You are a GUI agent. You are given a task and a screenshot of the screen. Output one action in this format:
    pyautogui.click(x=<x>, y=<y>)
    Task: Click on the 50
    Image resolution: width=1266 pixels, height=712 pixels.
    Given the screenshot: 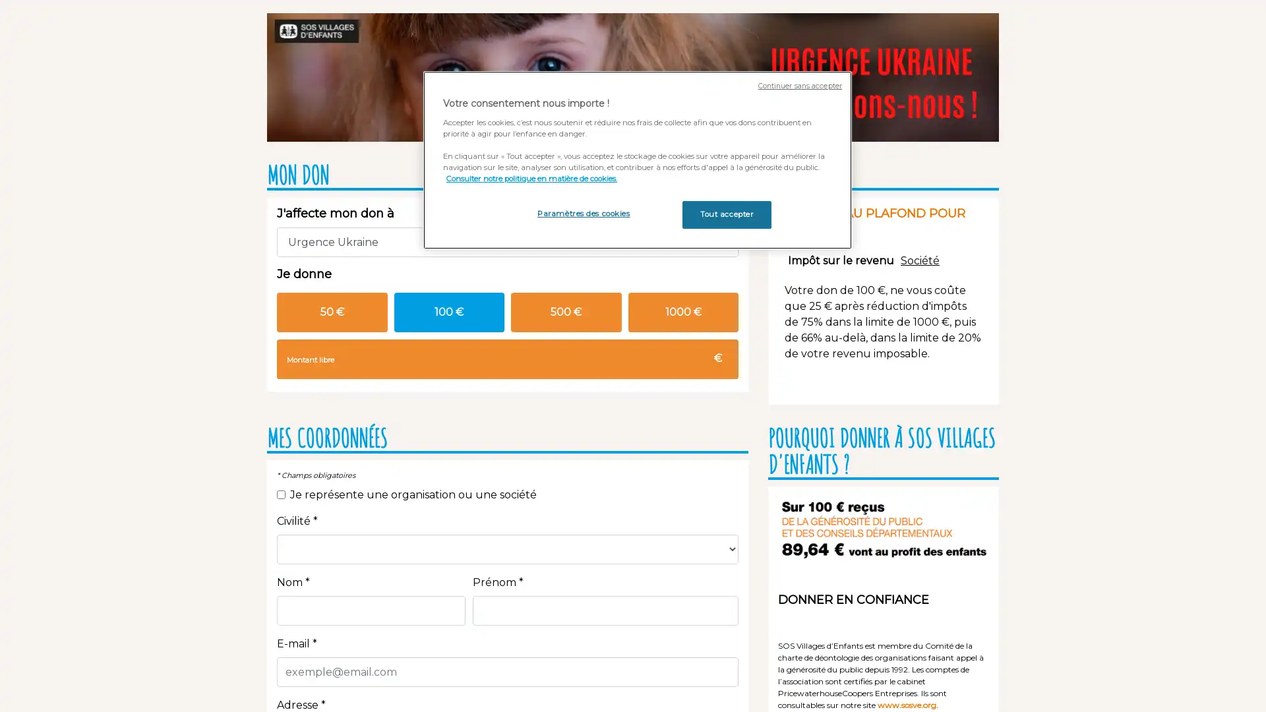 What is the action you would take?
    pyautogui.click(x=332, y=312)
    